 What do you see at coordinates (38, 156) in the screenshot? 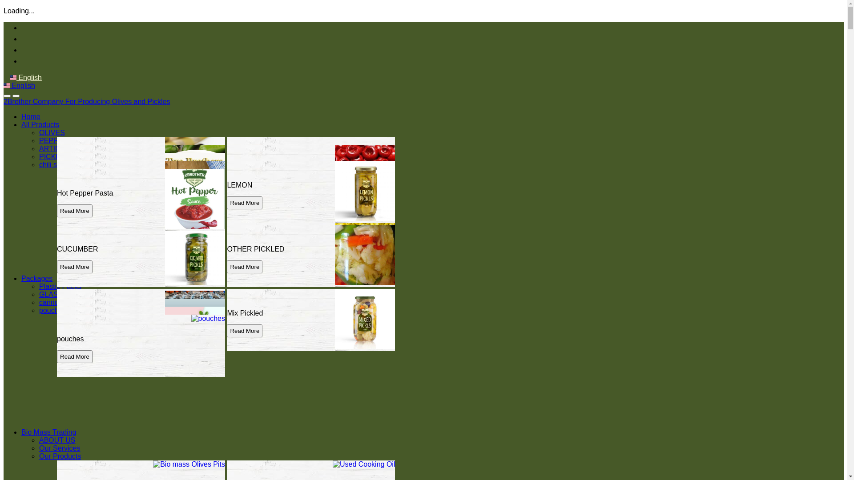
I see `'PICKLES'` at bounding box center [38, 156].